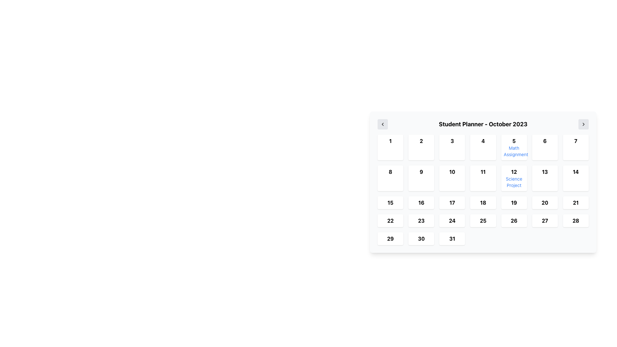  Describe the element at coordinates (390, 220) in the screenshot. I see `the bold black text displaying the number '22' located in the fifth row, first column of the calendar grid` at that location.